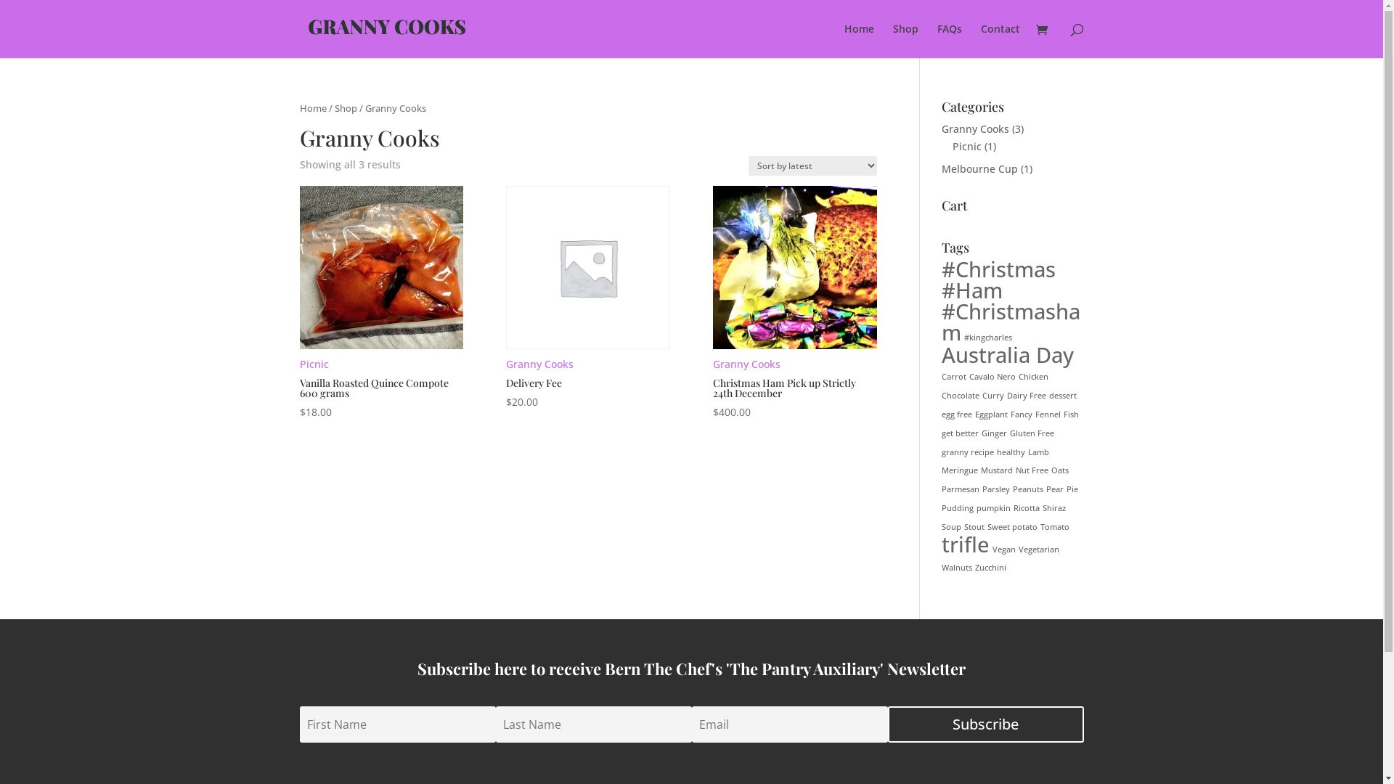 This screenshot has width=1394, height=784. What do you see at coordinates (961, 395) in the screenshot?
I see `'Chocolate'` at bounding box center [961, 395].